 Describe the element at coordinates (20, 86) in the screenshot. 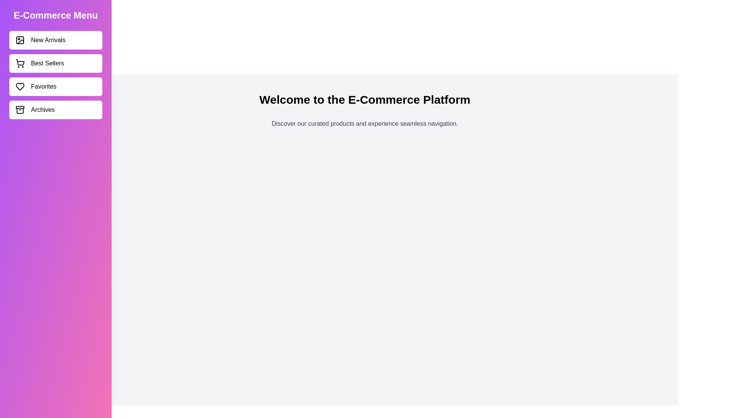

I see `the icon corresponding to Favorites in the sidebar` at that location.